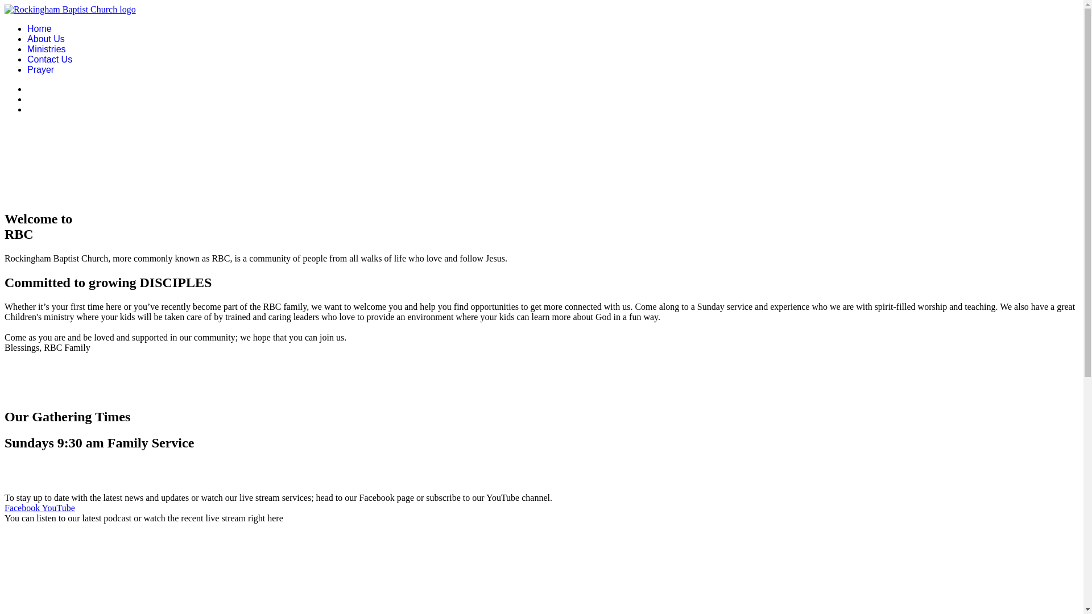  What do you see at coordinates (56, 507) in the screenshot?
I see `'YouTube'` at bounding box center [56, 507].